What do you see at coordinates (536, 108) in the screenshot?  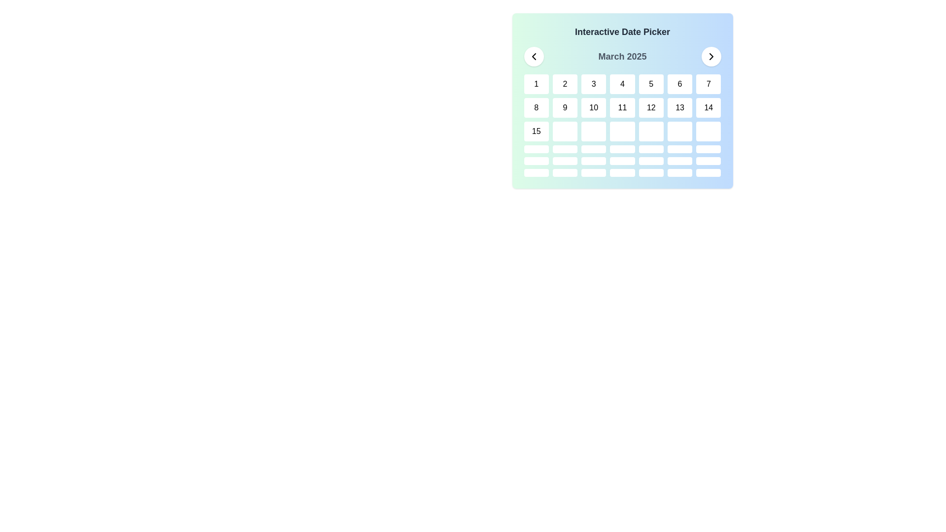 I see `the white rounded square button displaying the number '8' in the center of a date picker interface` at bounding box center [536, 108].